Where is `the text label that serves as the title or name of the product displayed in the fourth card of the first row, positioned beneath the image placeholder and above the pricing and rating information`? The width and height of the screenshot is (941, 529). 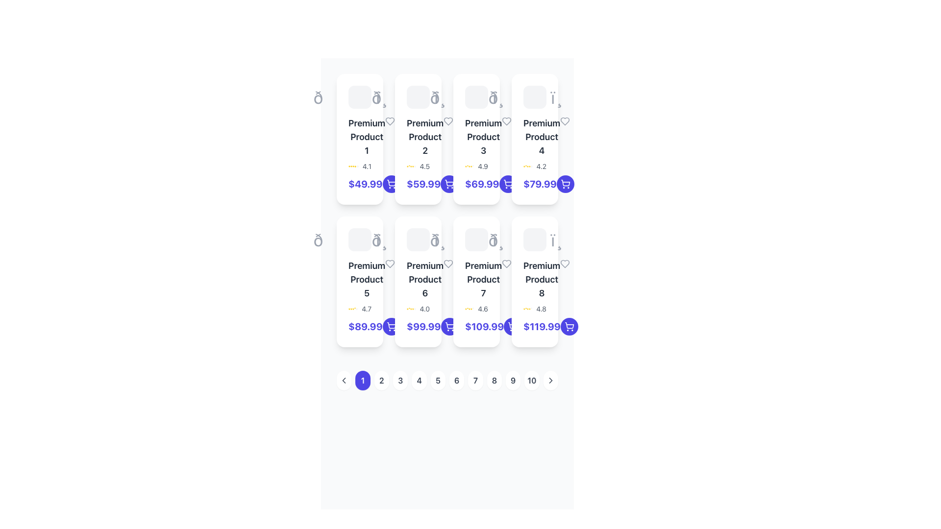 the text label that serves as the title or name of the product displayed in the fourth card of the first row, positioned beneath the image placeholder and above the pricing and rating information is located at coordinates (534, 137).